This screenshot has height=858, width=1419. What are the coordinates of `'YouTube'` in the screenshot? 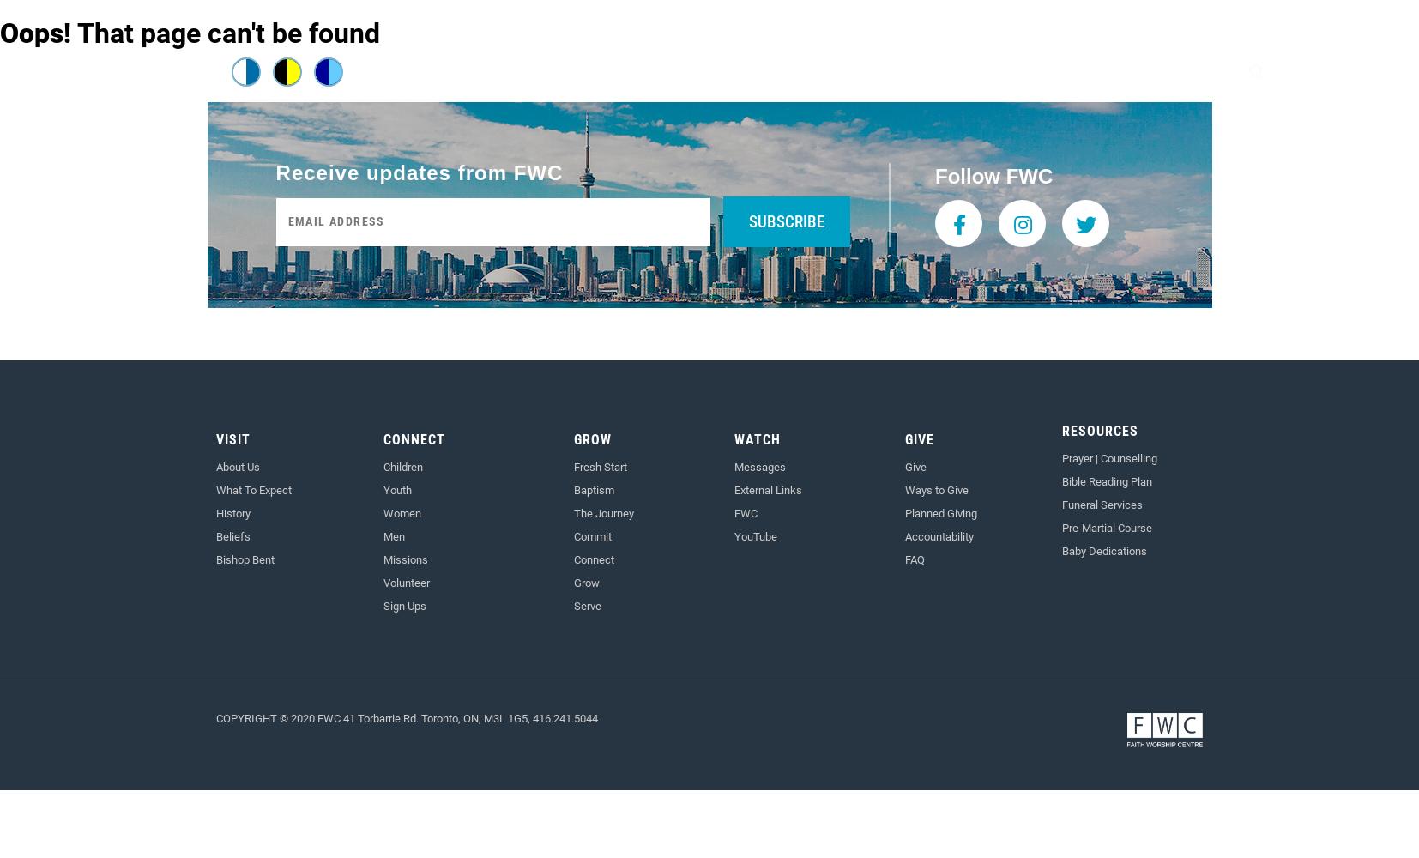 It's located at (754, 536).